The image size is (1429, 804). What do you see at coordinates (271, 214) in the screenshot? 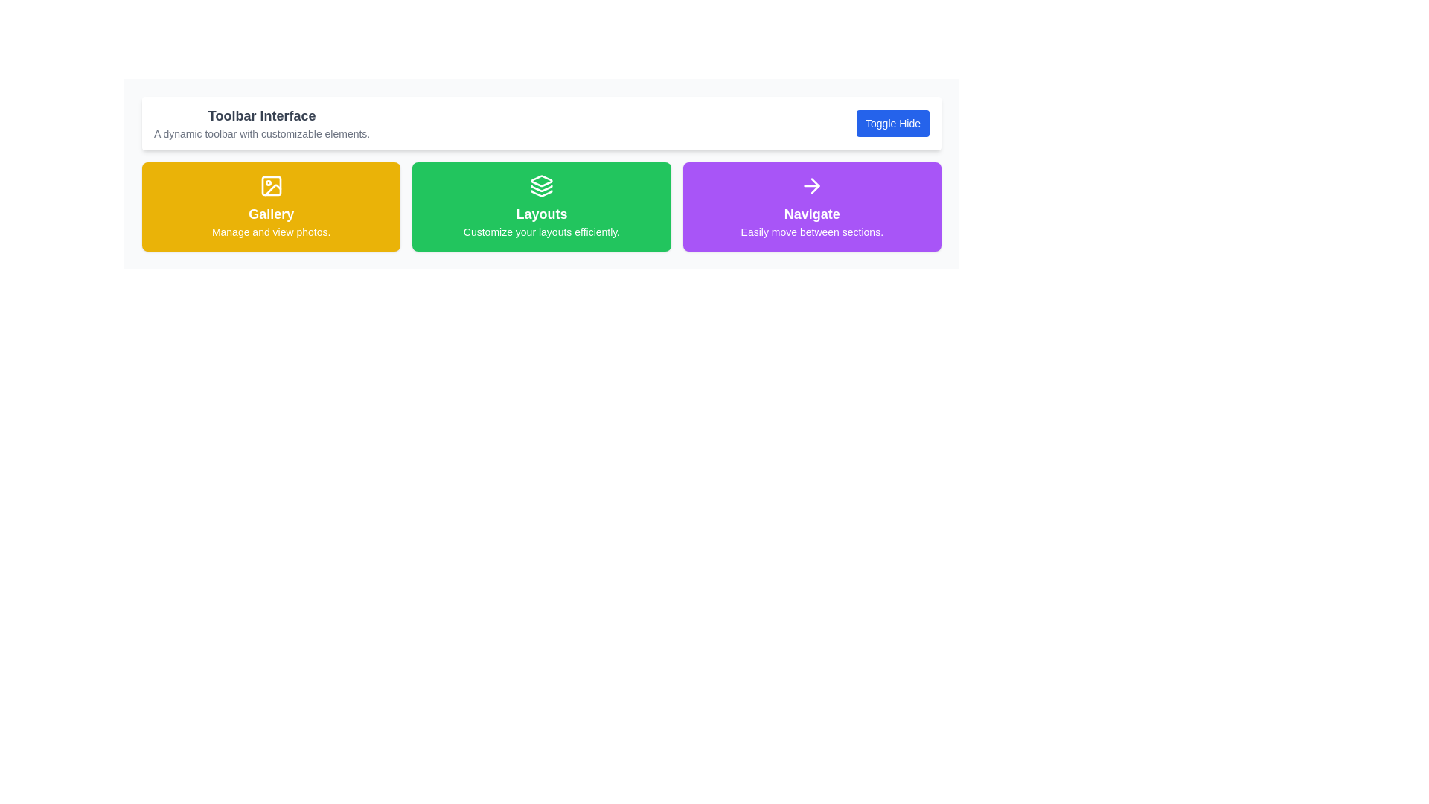
I see `the text label displaying 'Gallery', which is a bold white text on a yellow background, positioned at the top center of its card, to engage with the surrounding elements` at bounding box center [271, 214].